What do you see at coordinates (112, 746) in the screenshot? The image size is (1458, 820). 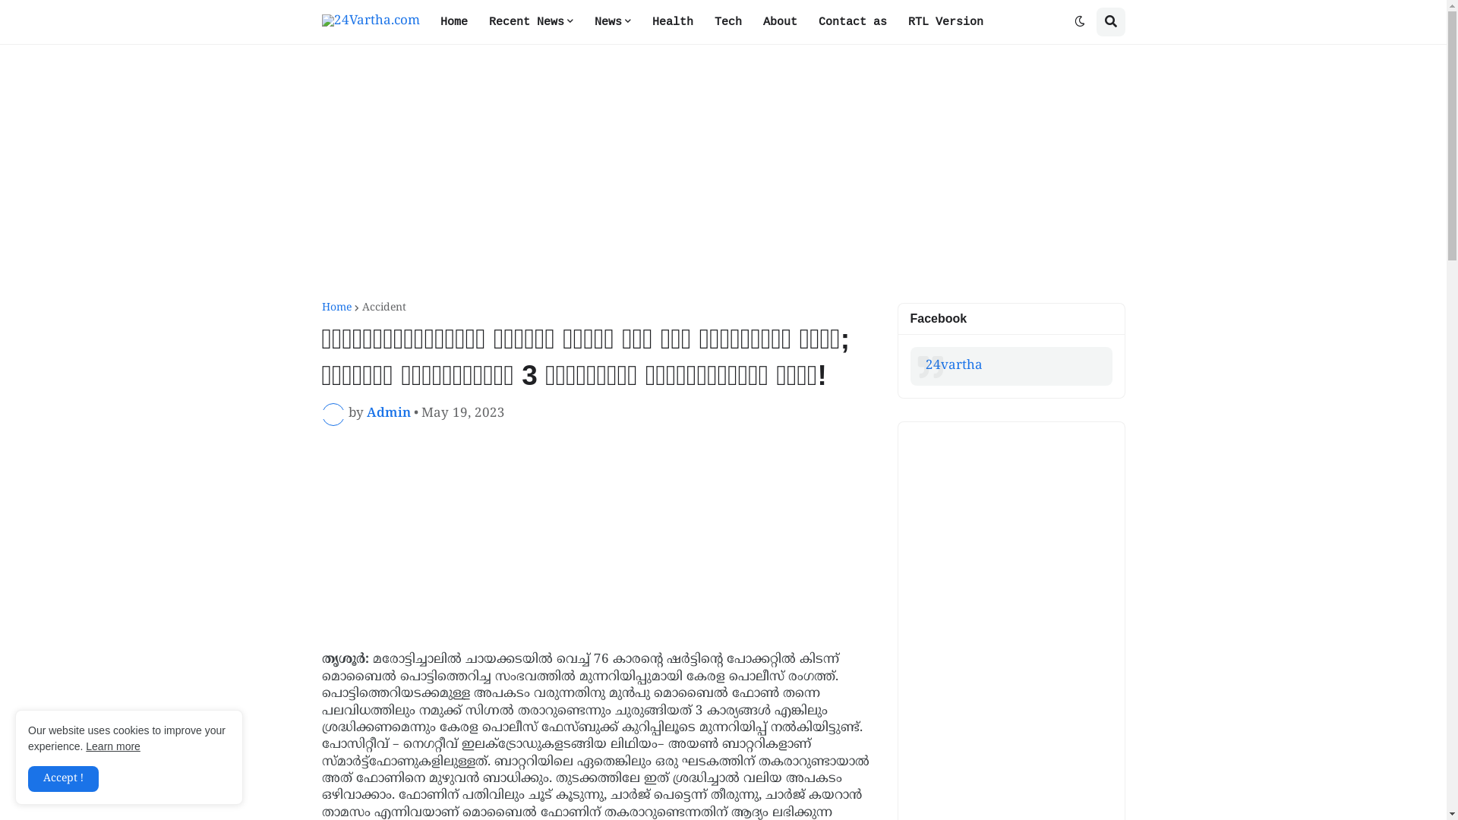 I see `'Learn more'` at bounding box center [112, 746].